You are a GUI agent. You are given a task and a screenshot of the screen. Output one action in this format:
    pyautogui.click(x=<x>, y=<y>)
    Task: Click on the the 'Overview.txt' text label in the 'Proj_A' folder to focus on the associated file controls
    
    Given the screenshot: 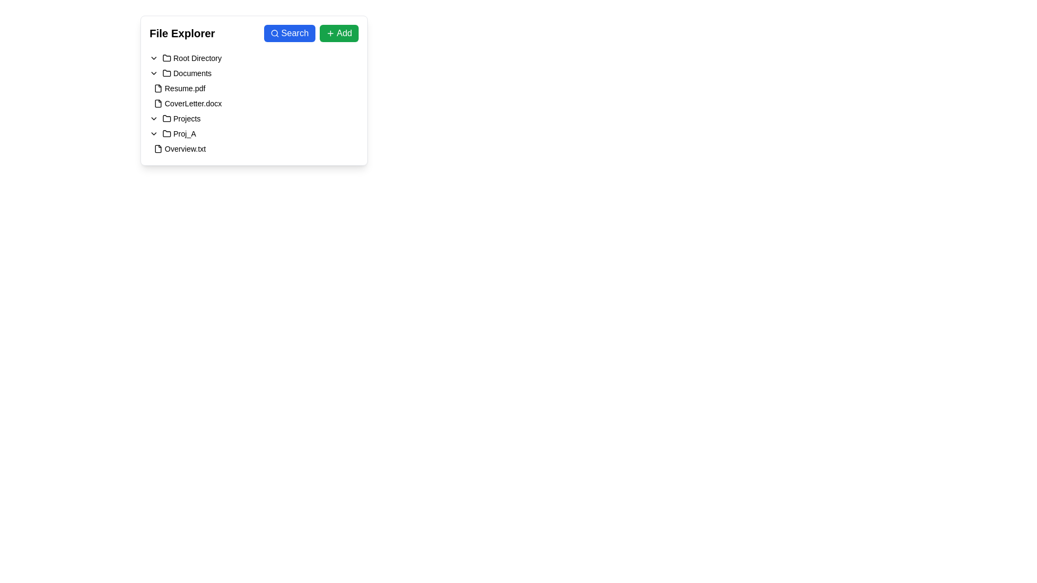 What is the action you would take?
    pyautogui.click(x=185, y=149)
    